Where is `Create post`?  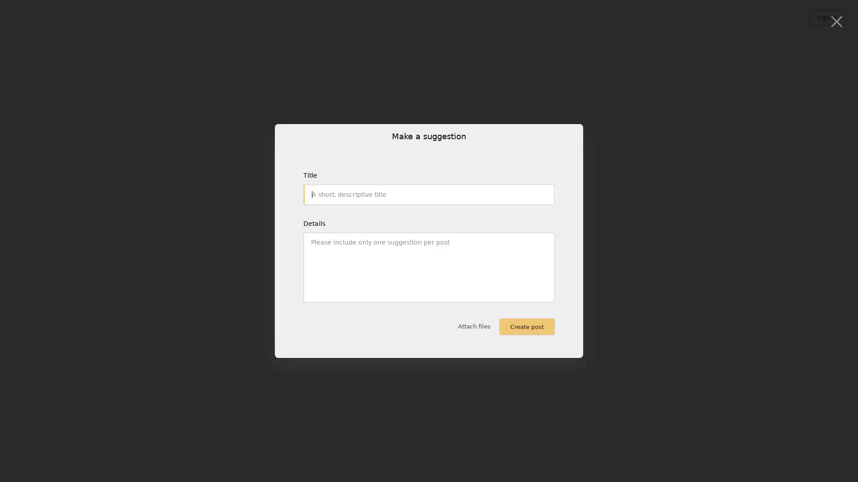
Create post is located at coordinates (527, 327).